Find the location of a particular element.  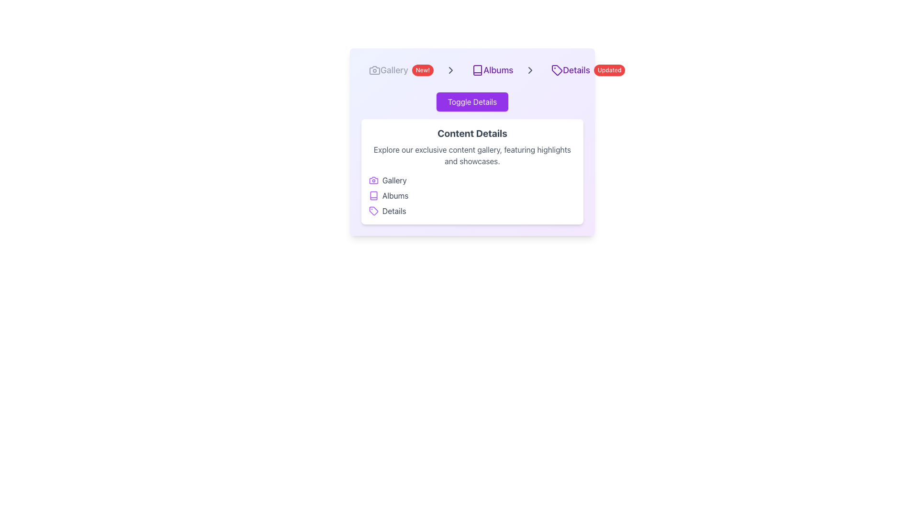

the text label 'Details' styled in purple, which is part of a breadcrumb navigation bar located immediately to the right of a tag icon is located at coordinates (576, 69).